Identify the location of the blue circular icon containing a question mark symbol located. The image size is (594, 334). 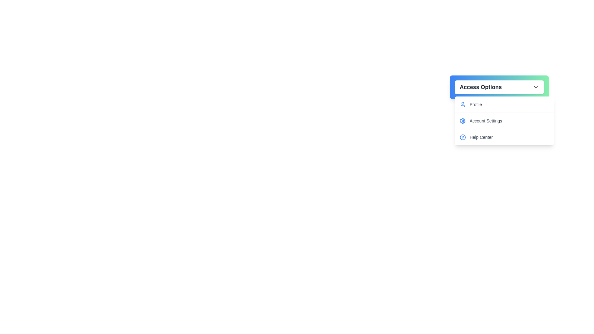
(463, 137).